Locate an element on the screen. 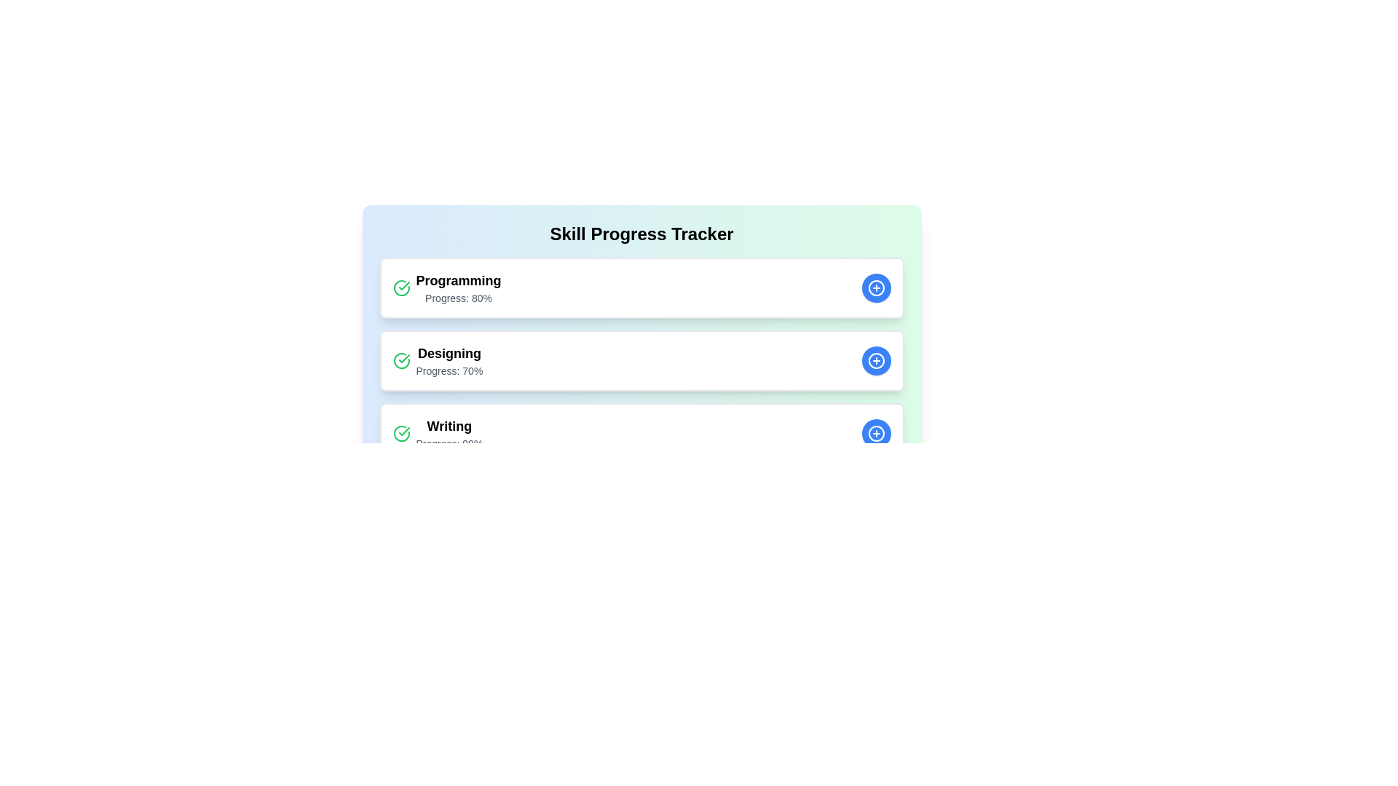 The height and width of the screenshot is (786, 1398). increment button for the skill Writing is located at coordinates (875, 433).